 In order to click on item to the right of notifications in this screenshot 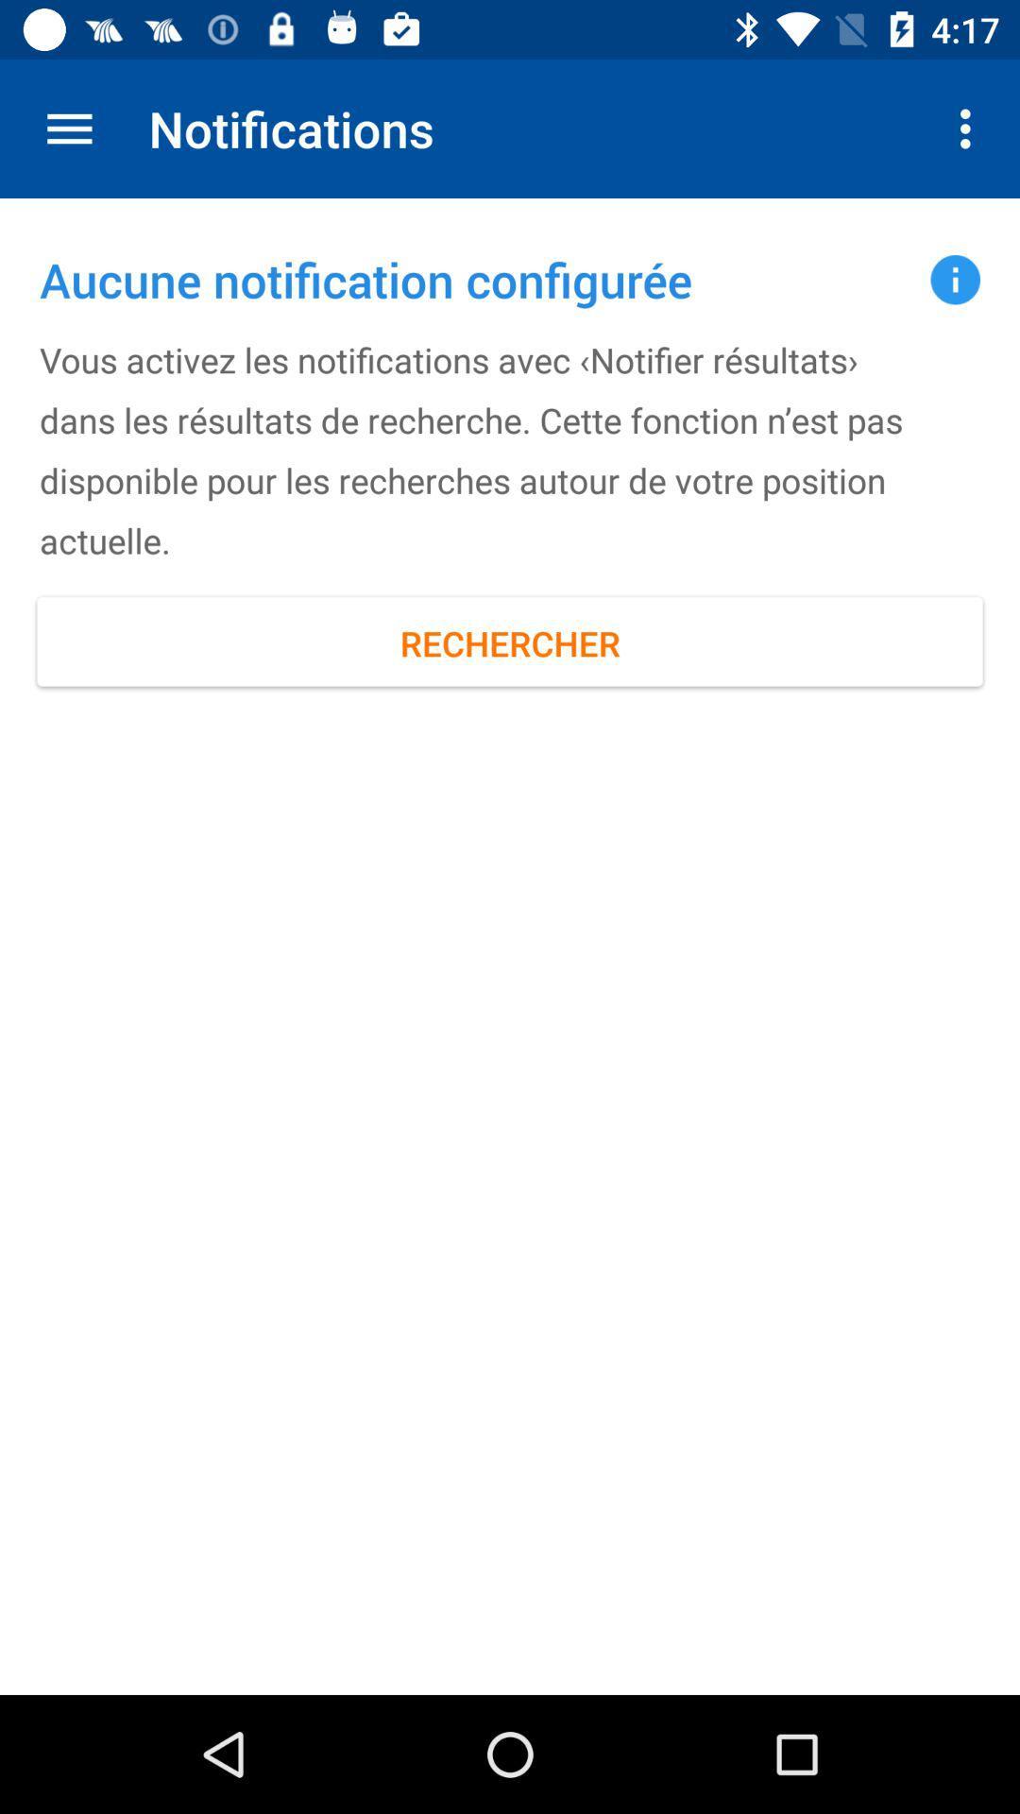, I will do `click(970, 128)`.